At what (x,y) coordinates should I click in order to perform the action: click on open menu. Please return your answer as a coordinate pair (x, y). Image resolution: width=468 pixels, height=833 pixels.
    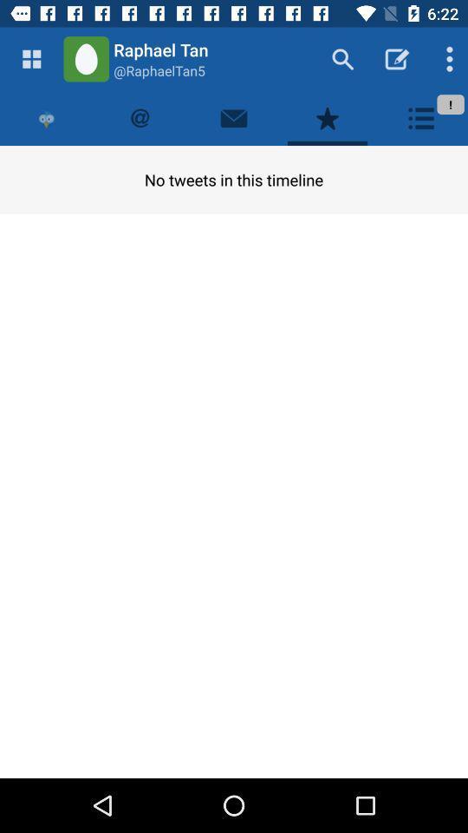
    Looking at the image, I should click on (31, 59).